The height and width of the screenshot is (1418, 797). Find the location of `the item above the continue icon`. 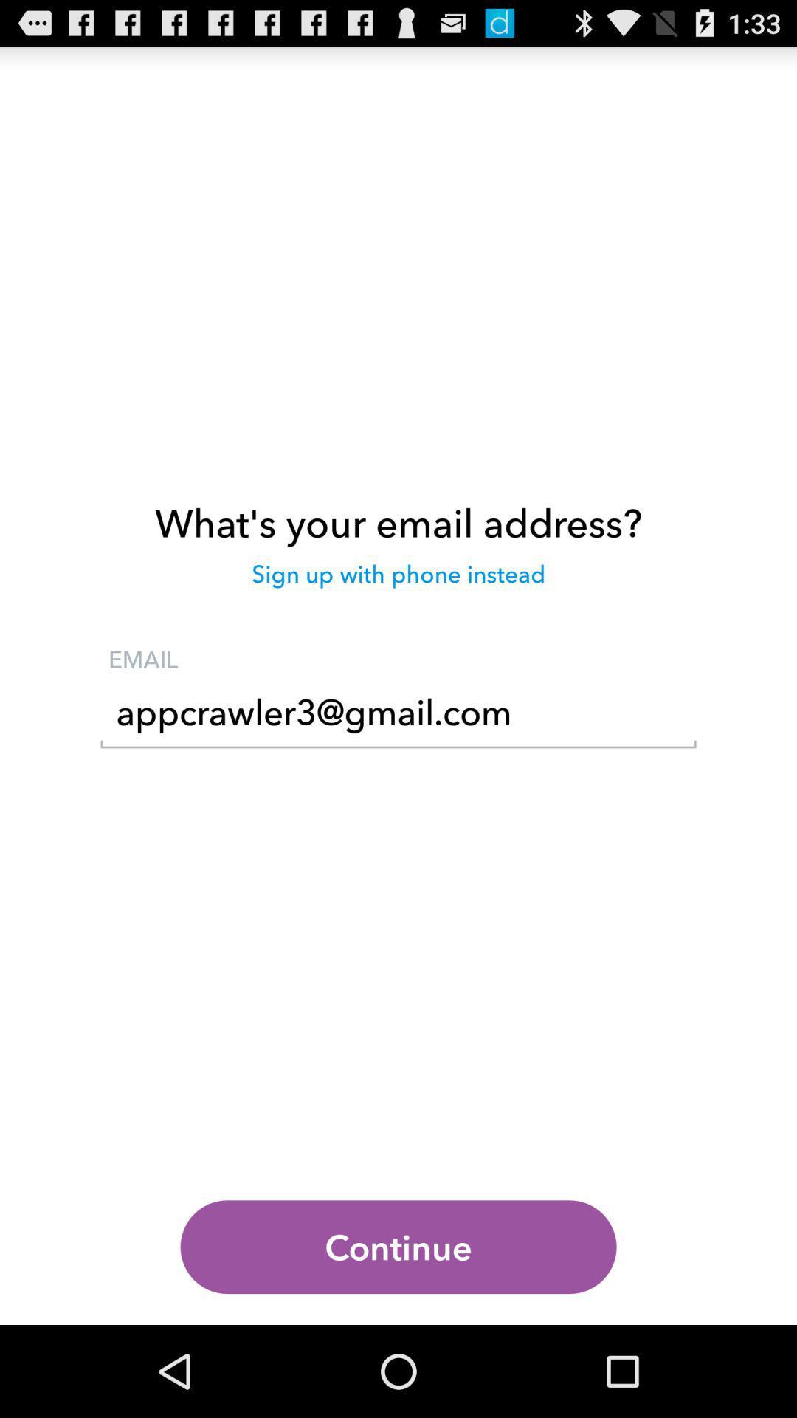

the item above the continue icon is located at coordinates (398, 717).